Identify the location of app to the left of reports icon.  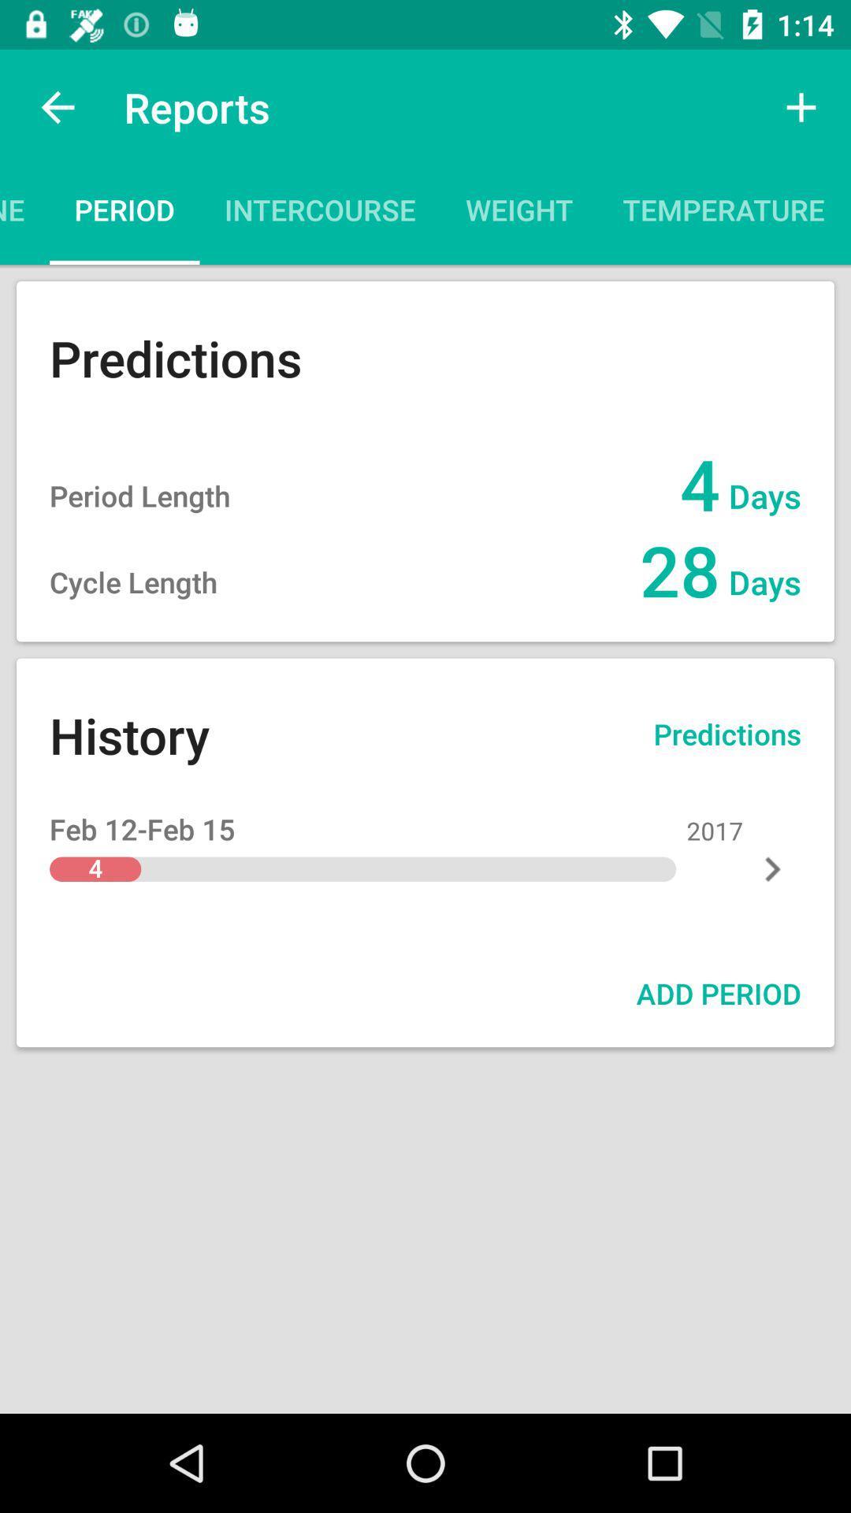
(57, 106).